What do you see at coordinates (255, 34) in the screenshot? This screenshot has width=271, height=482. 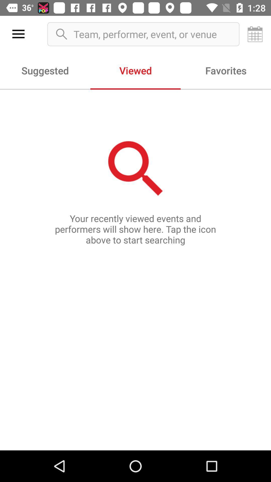 I see `the icon above favorites item` at bounding box center [255, 34].